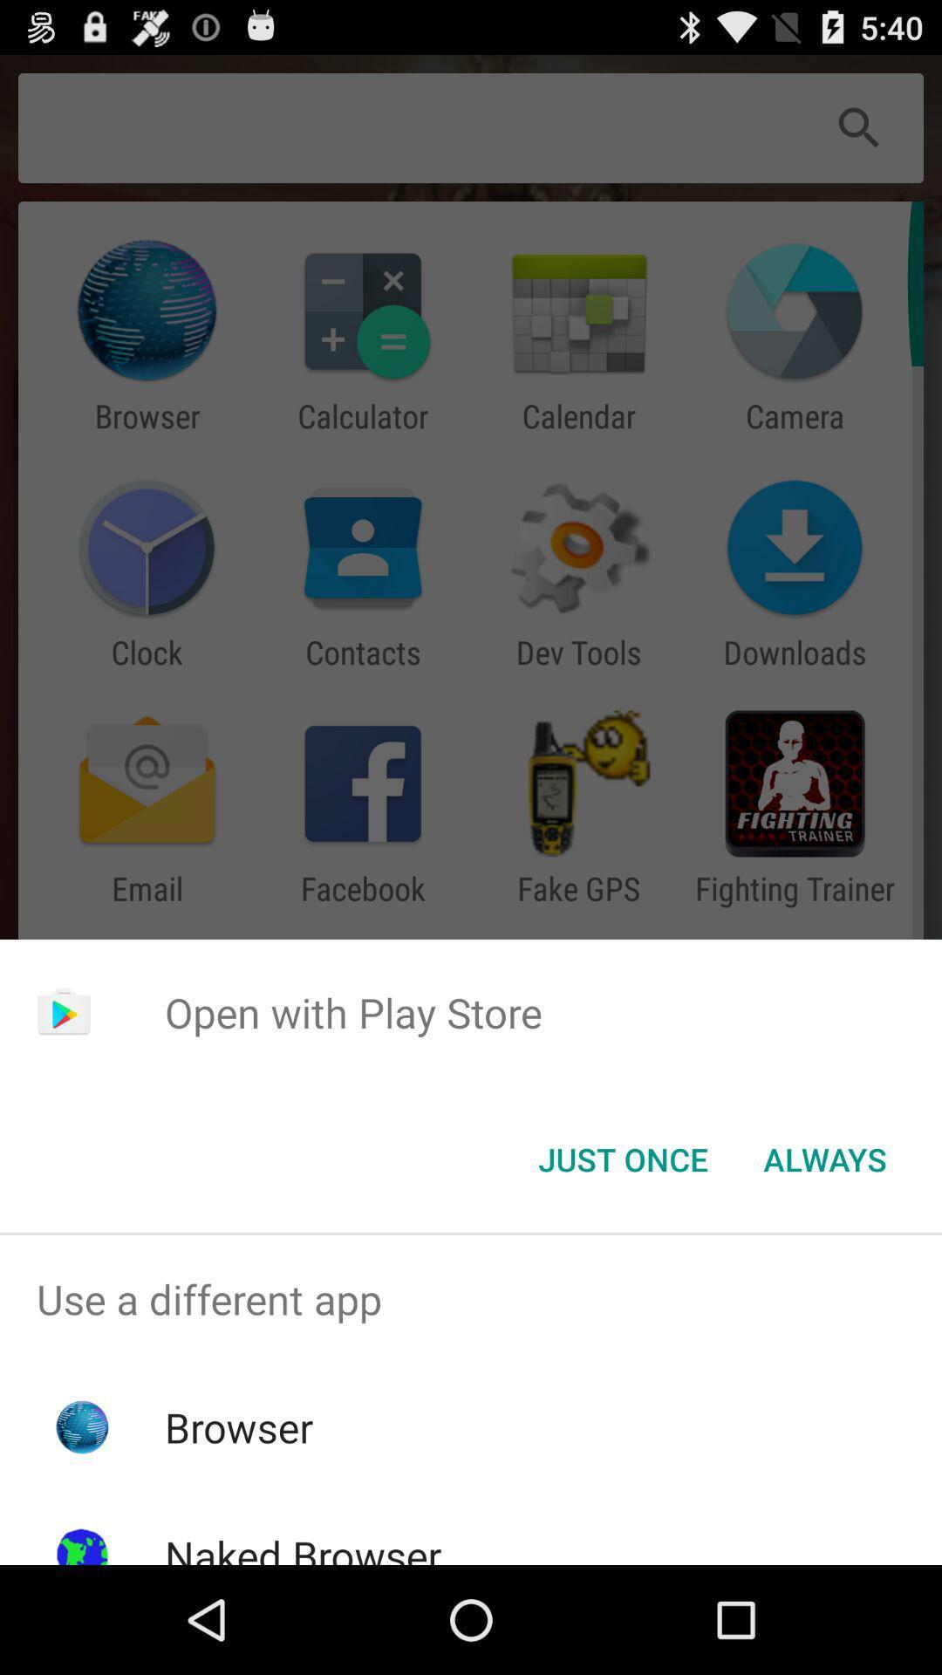 This screenshot has width=942, height=1675. I want to click on app below browser, so click(302, 1546).